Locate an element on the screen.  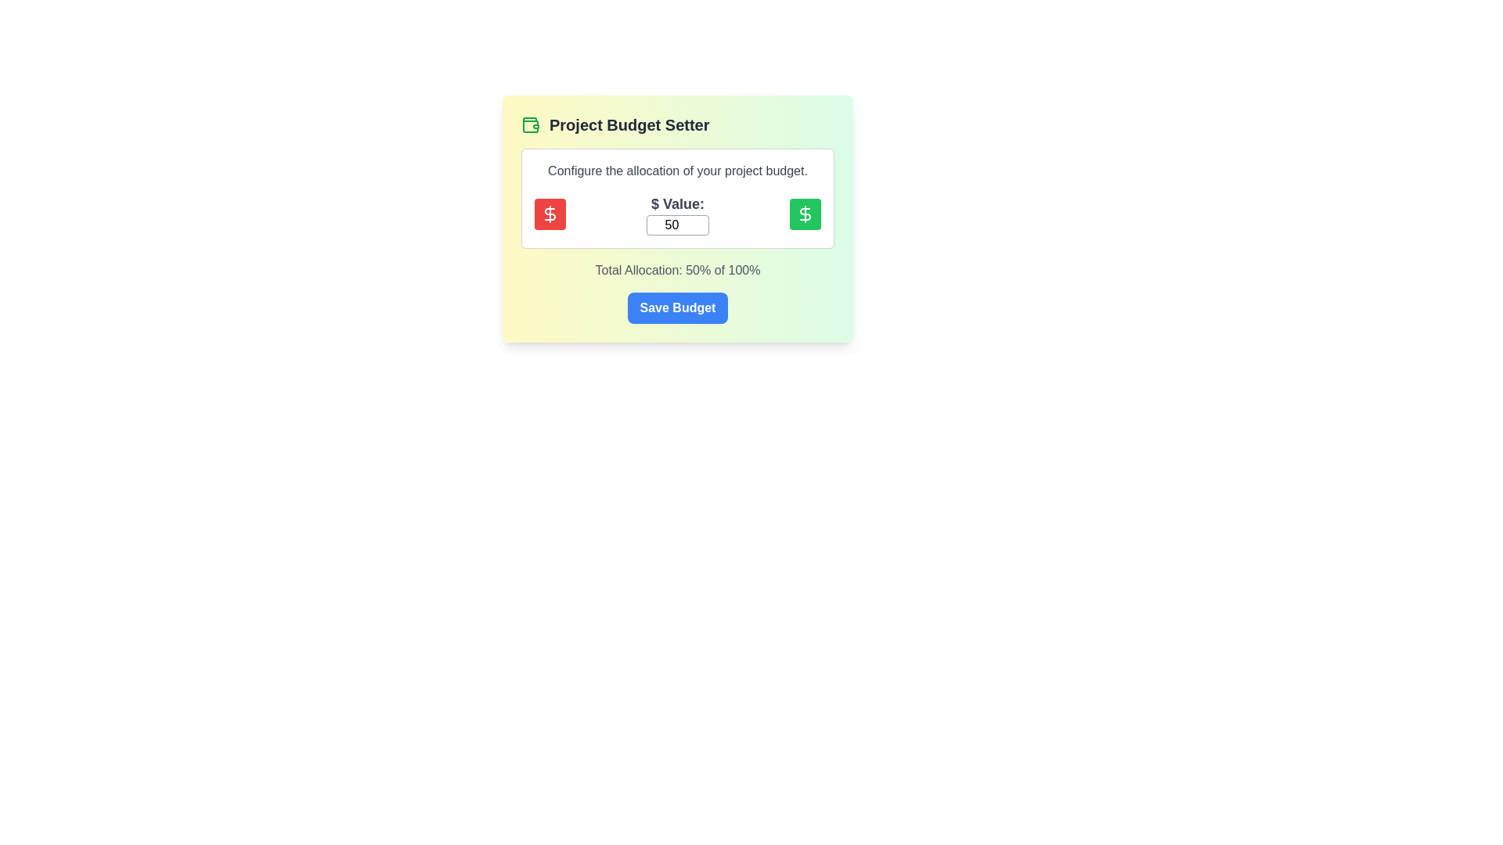
the SVG dollar sign icon with a green background located to the right of the '$ Value:' label and input field in the main budget-setting section is located at coordinates (805, 214).